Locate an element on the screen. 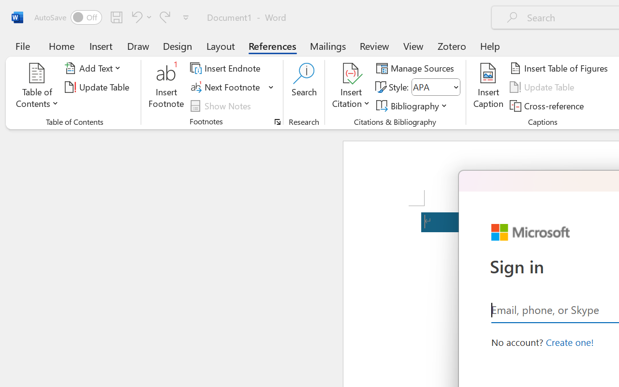 This screenshot has width=619, height=387. 'Undo Apply Quick Style Set' is located at coordinates (140, 16).